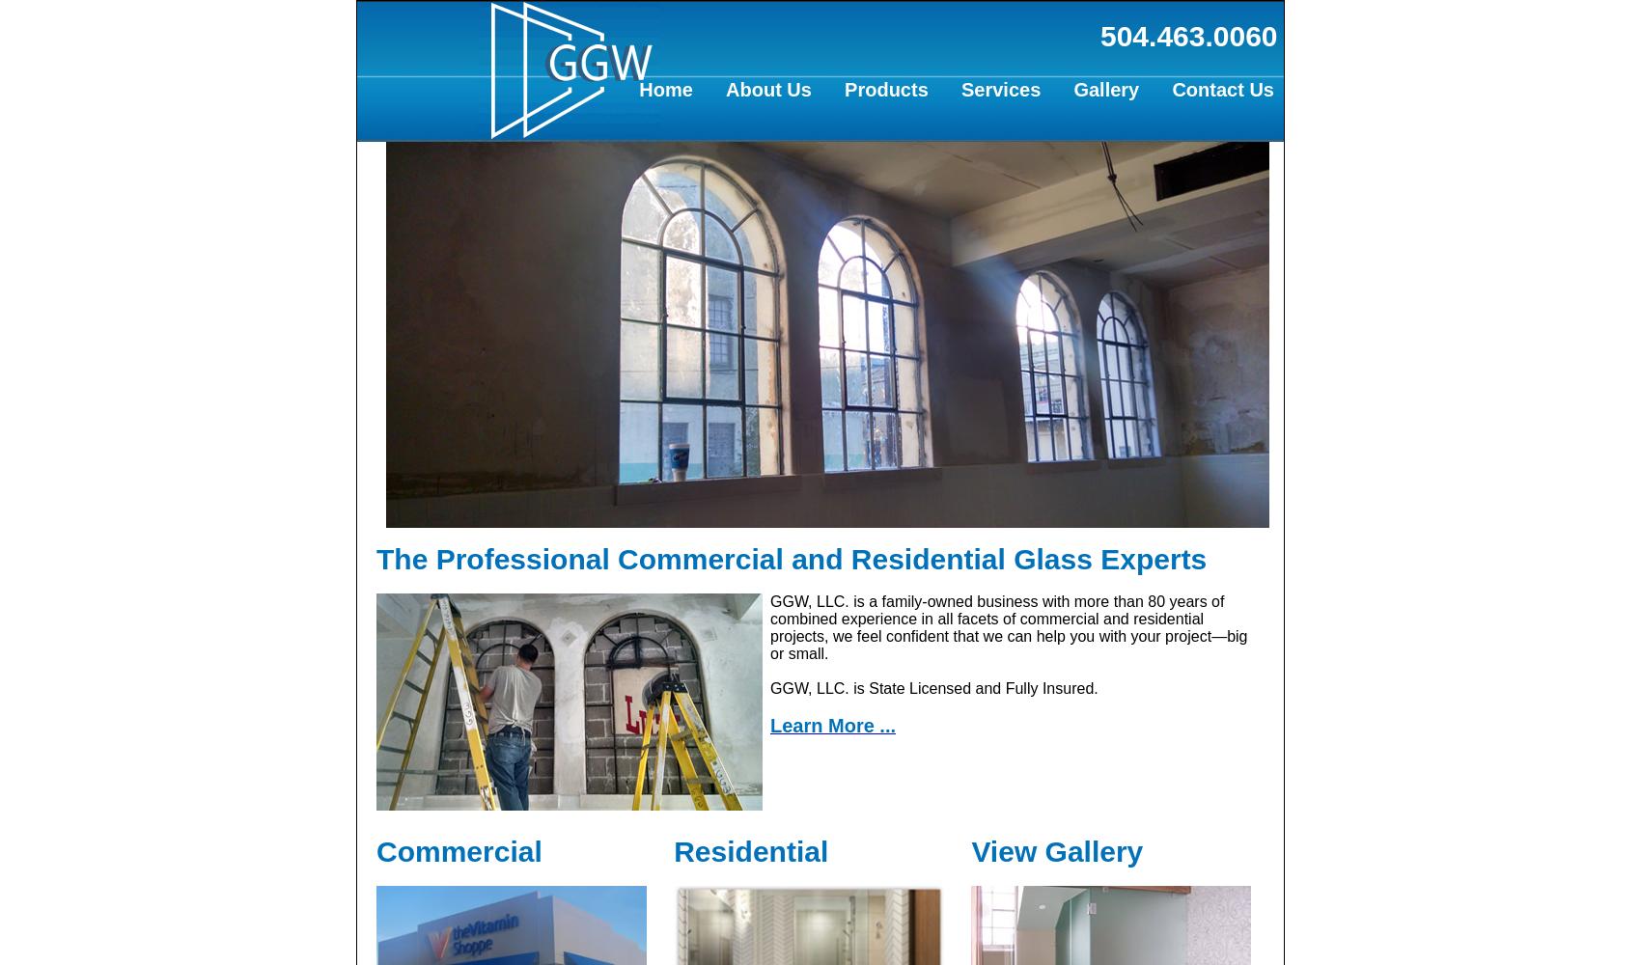 This screenshot has height=965, width=1641. What do you see at coordinates (1222, 89) in the screenshot?
I see `'Contact Us'` at bounding box center [1222, 89].